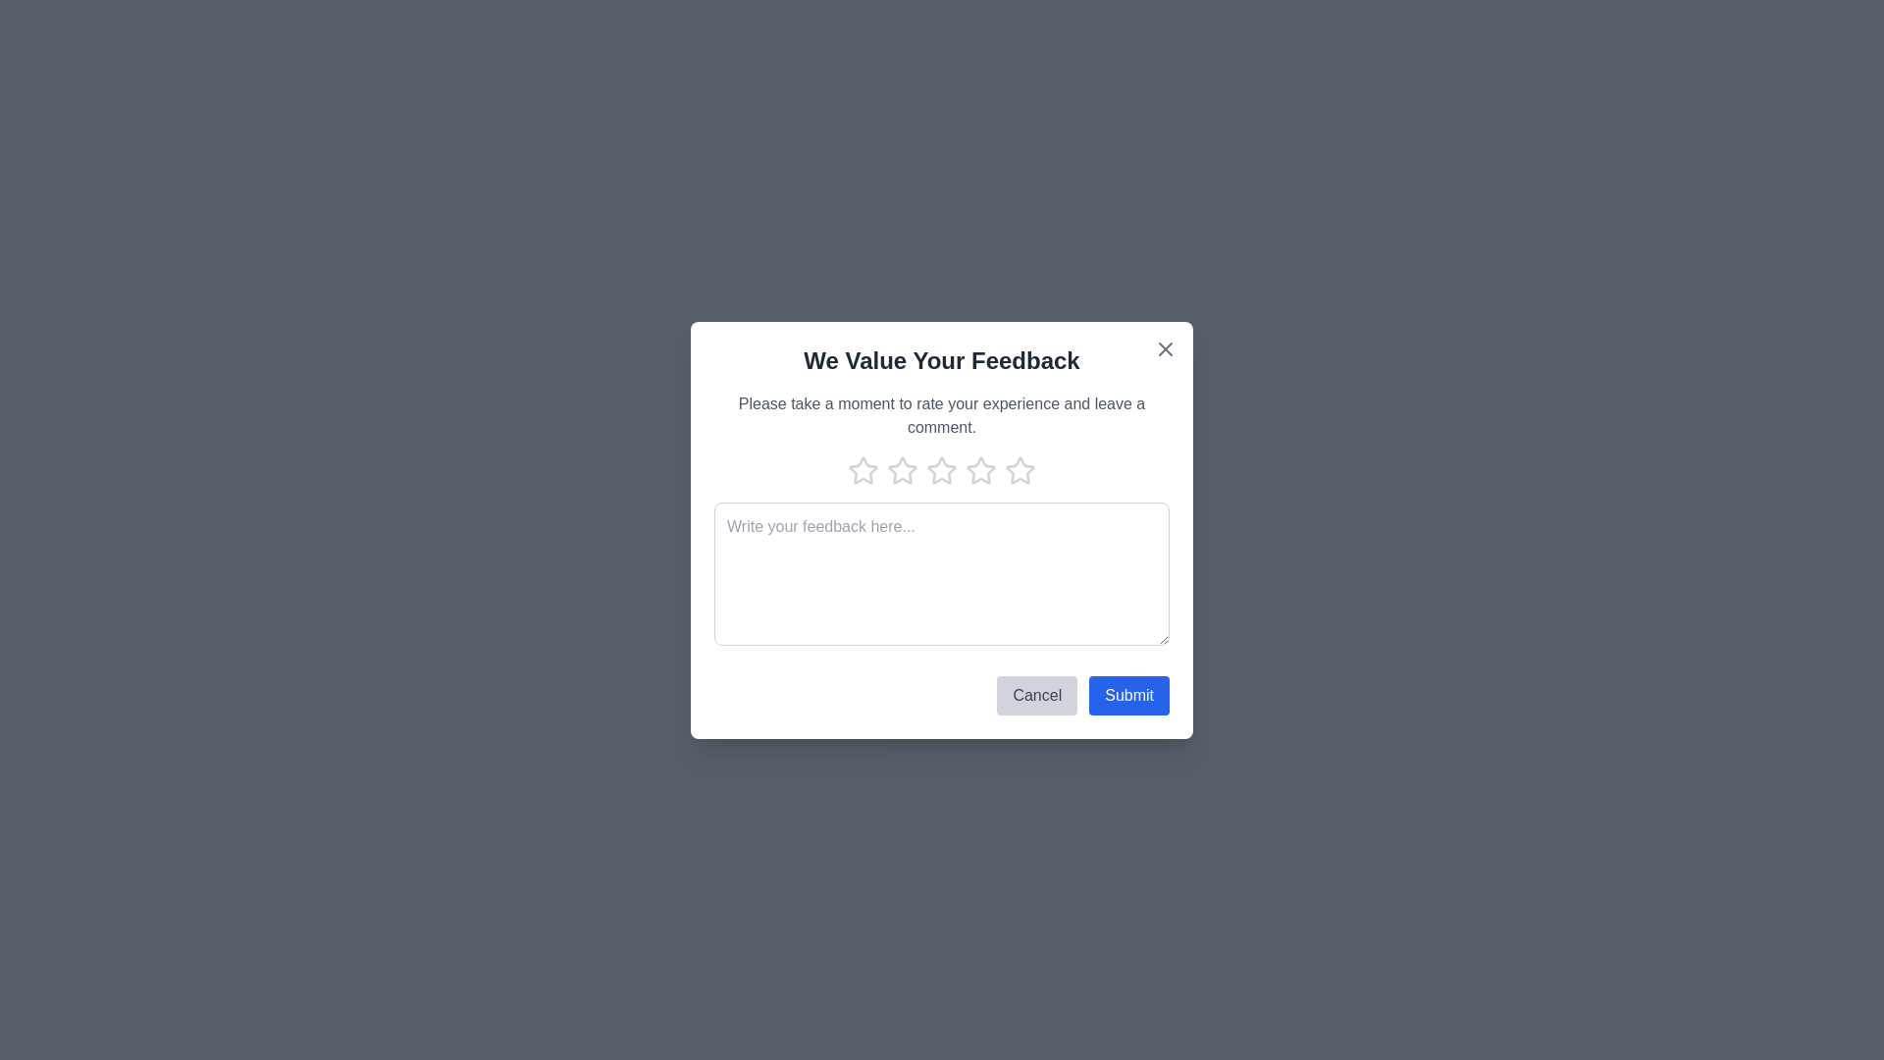 Image resolution: width=1884 pixels, height=1060 pixels. Describe the element at coordinates (980, 469) in the screenshot. I see `the third star icon from the left in the rating interface` at that location.